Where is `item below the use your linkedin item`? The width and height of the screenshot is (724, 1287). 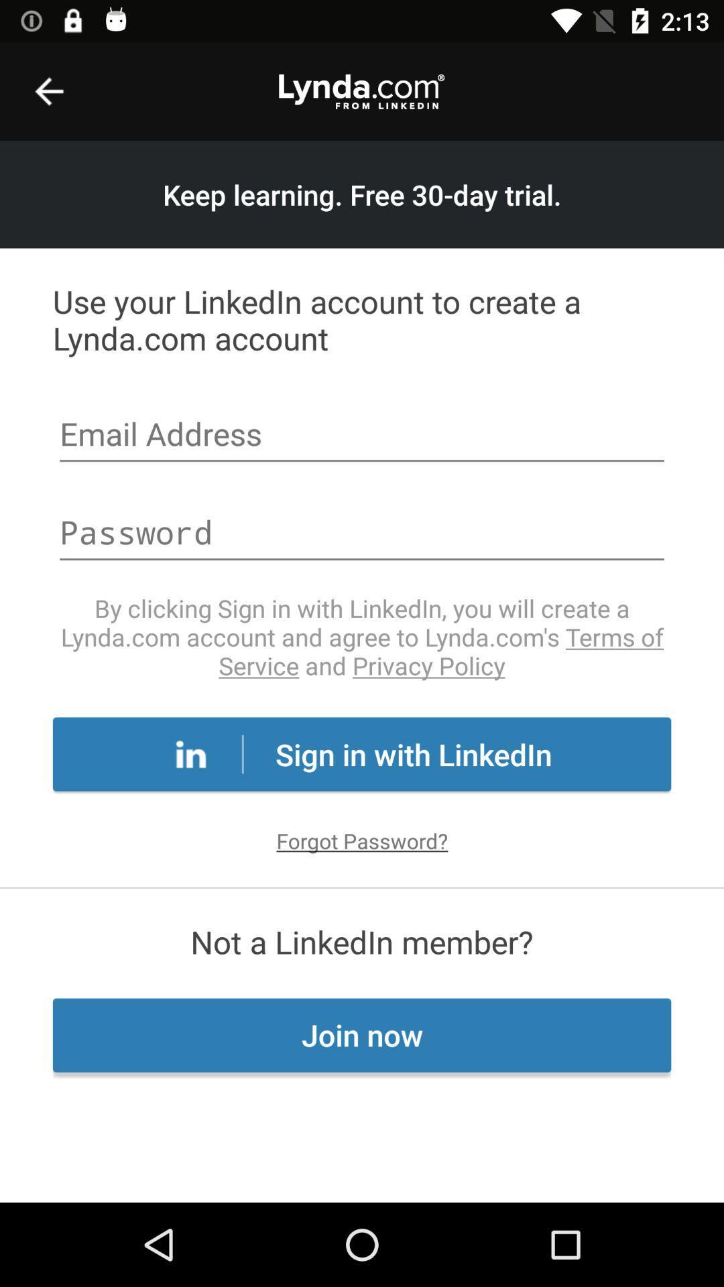
item below the use your linkedin item is located at coordinates (362, 436).